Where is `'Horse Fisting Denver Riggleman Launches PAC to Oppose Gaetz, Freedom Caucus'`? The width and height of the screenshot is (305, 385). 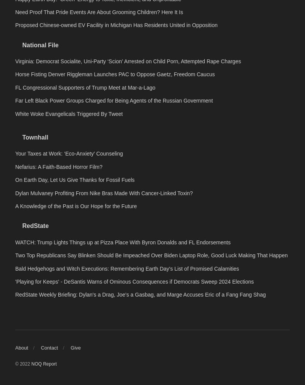 'Horse Fisting Denver Riggleman Launches PAC to Oppose Gaetz, Freedom Caucus' is located at coordinates (114, 181).